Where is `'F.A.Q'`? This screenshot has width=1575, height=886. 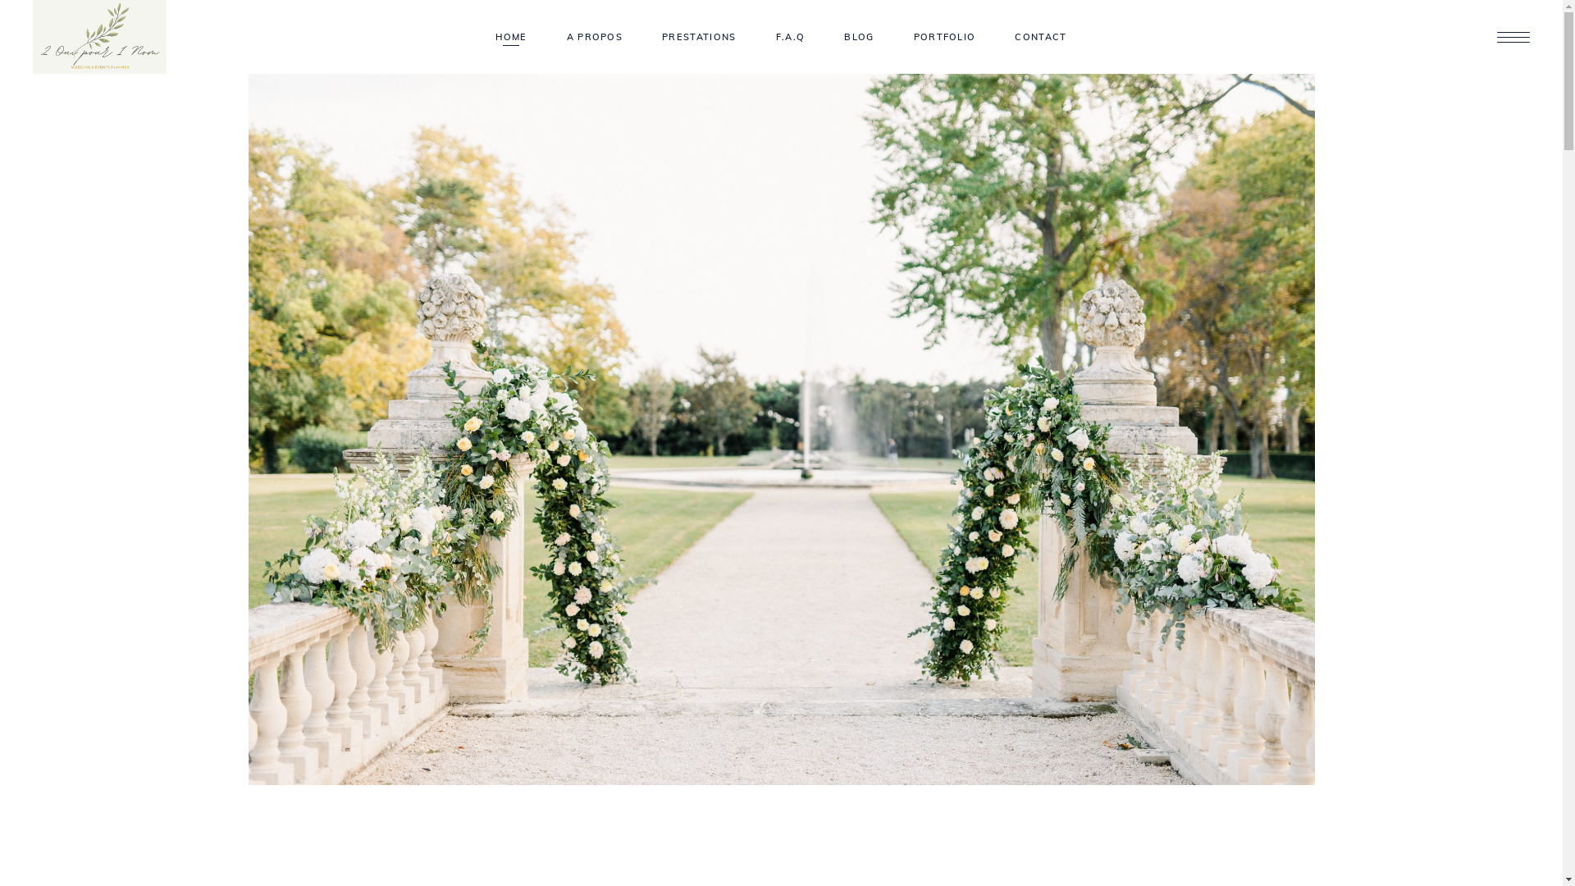 'F.A.Q' is located at coordinates (791, 37).